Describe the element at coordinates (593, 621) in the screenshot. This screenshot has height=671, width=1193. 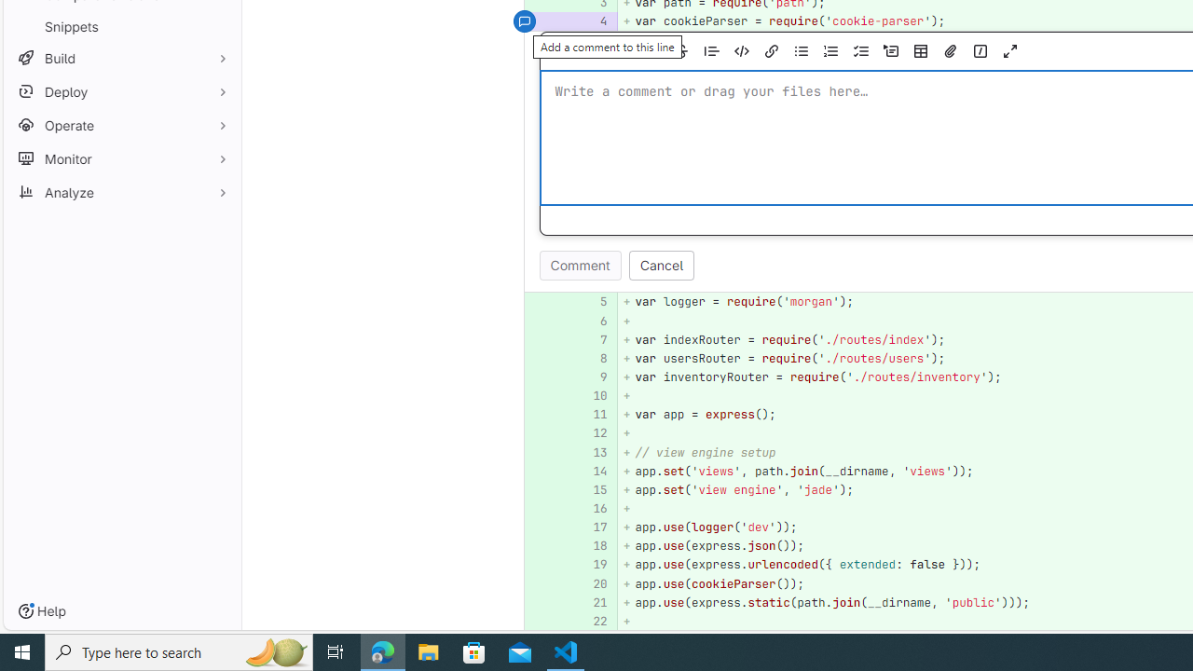
I see `'22'` at that location.